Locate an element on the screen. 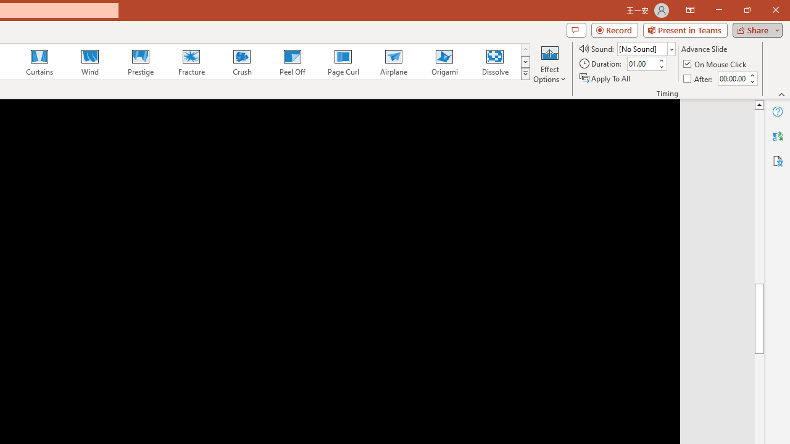  'Apply To All' is located at coordinates (605, 78).